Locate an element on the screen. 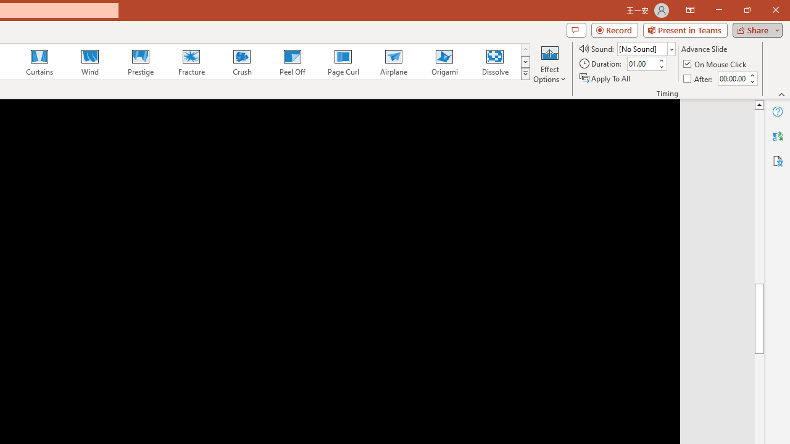  'Apply To All' is located at coordinates (605, 78).